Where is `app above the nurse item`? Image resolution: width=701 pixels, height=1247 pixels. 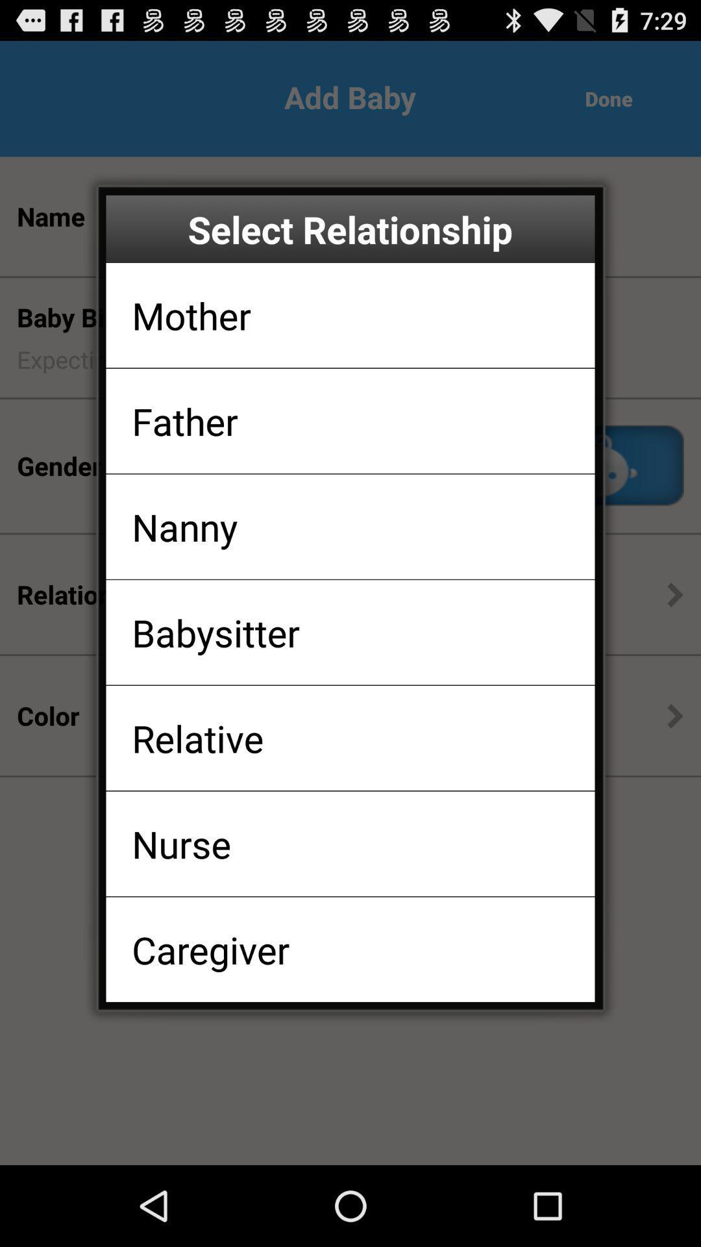 app above the nurse item is located at coordinates (197, 738).